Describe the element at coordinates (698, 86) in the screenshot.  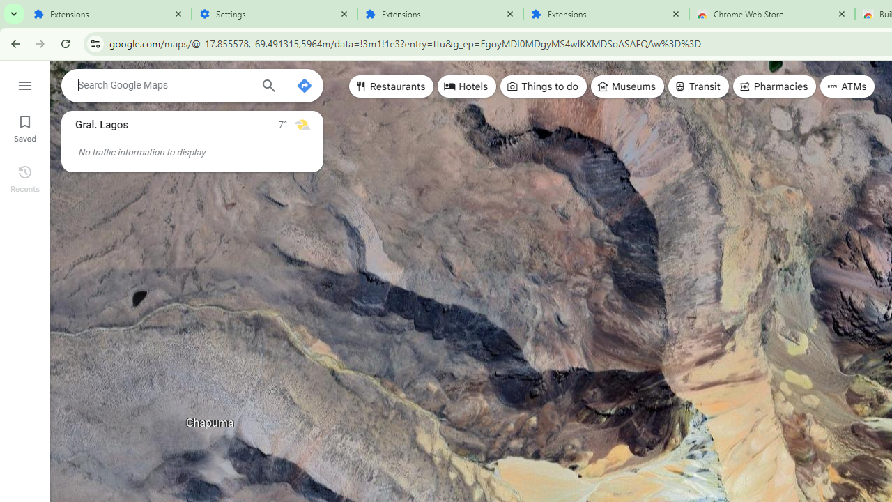
I see `'Transit'` at that location.